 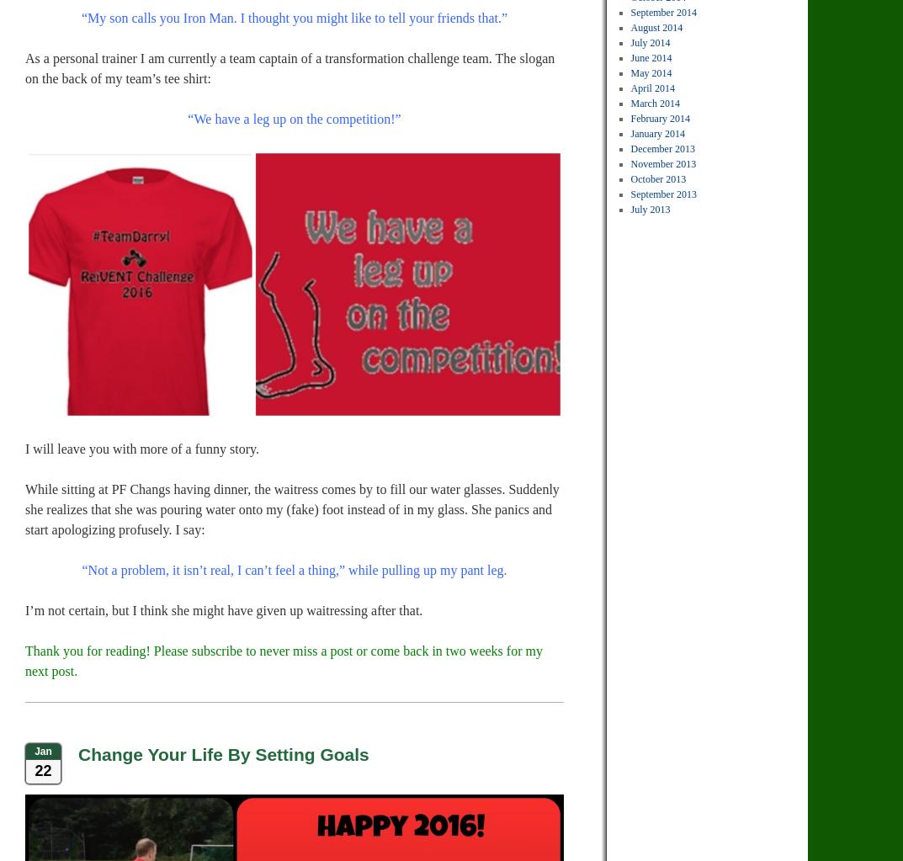 I want to click on 'November 2013', so click(x=663, y=163).